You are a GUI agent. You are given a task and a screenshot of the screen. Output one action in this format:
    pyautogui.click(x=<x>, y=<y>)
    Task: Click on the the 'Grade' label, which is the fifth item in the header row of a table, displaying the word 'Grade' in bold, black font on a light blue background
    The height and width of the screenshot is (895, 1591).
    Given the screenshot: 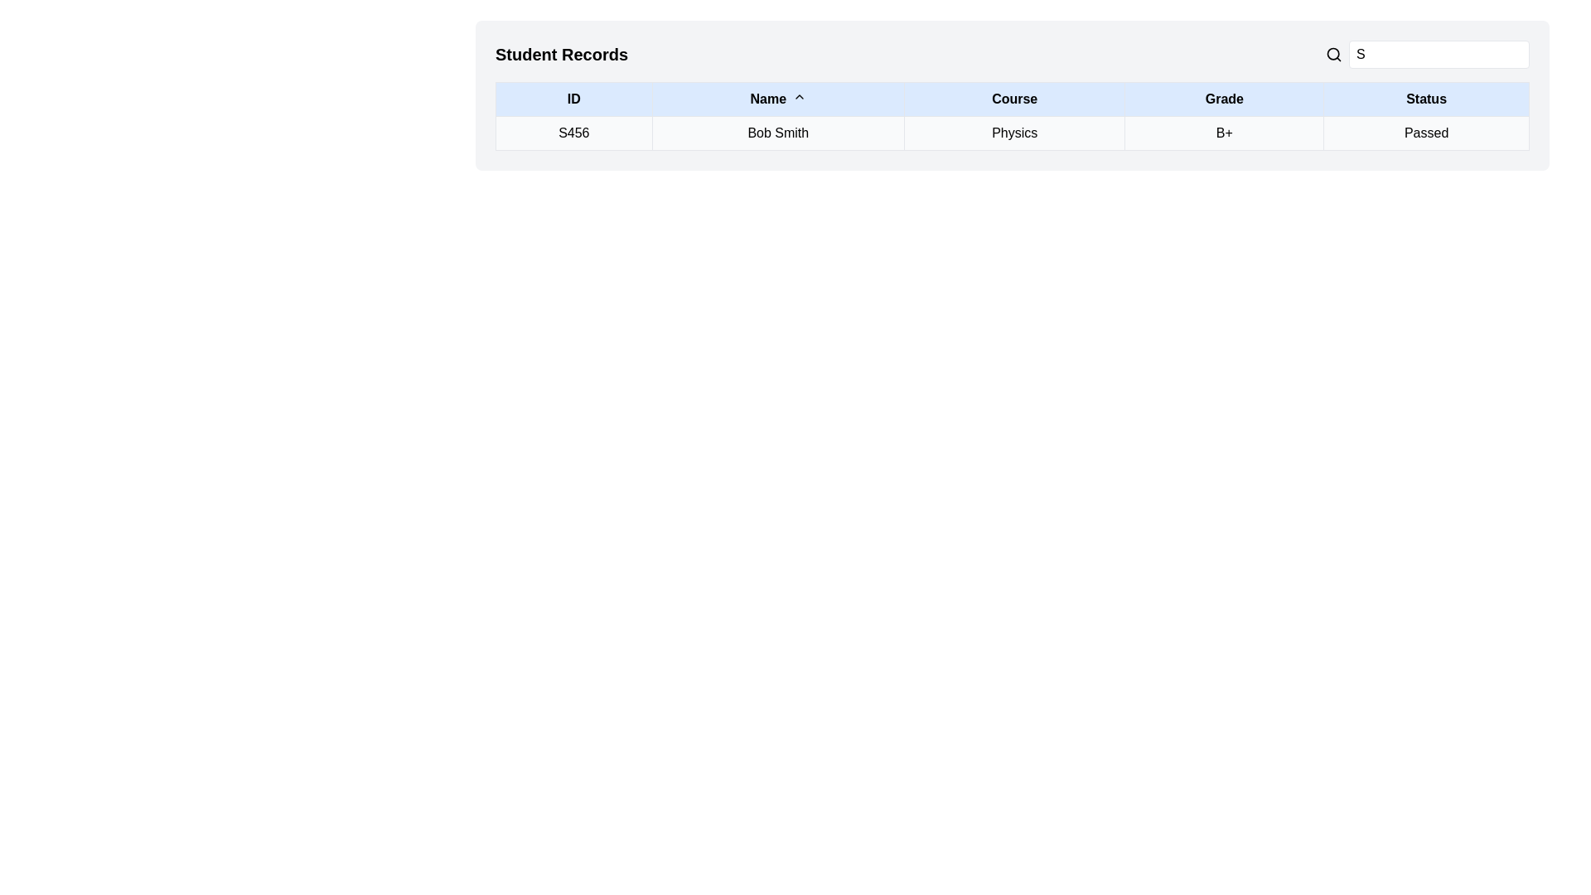 What is the action you would take?
    pyautogui.click(x=1224, y=99)
    